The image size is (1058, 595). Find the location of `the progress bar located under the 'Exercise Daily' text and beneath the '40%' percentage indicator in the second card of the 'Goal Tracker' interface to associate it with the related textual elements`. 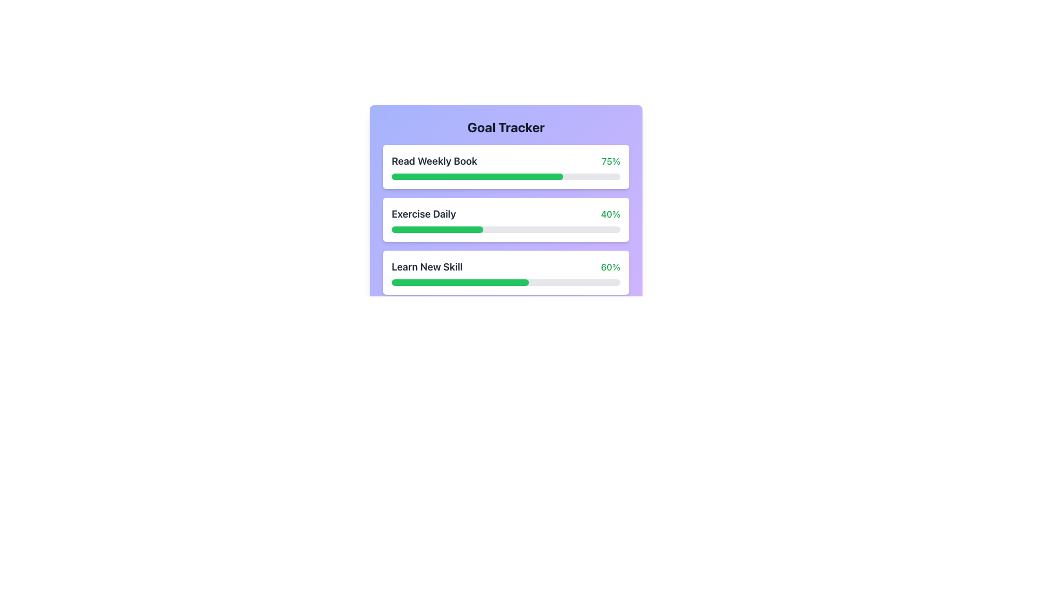

the progress bar located under the 'Exercise Daily' text and beneath the '40%' percentage indicator in the second card of the 'Goal Tracker' interface to associate it with the related textual elements is located at coordinates (505, 229).